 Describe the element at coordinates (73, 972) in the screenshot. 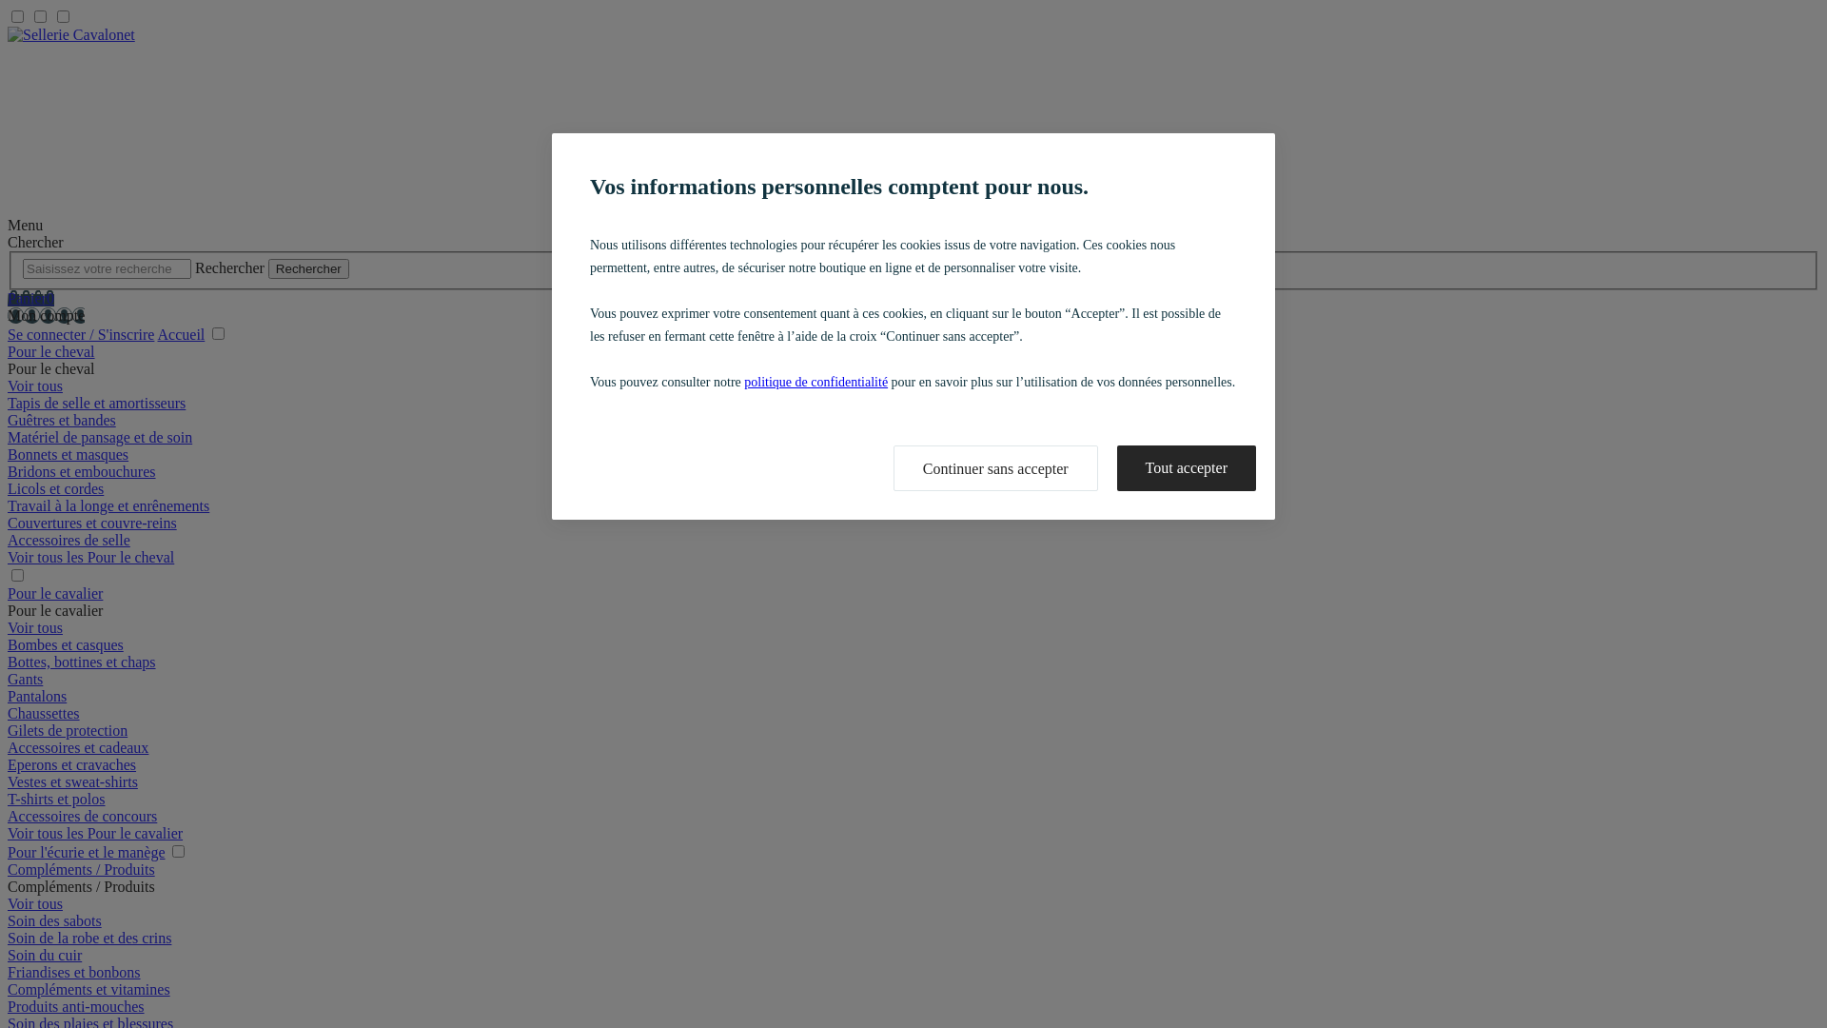

I see `'Friandises et bonbons'` at that location.